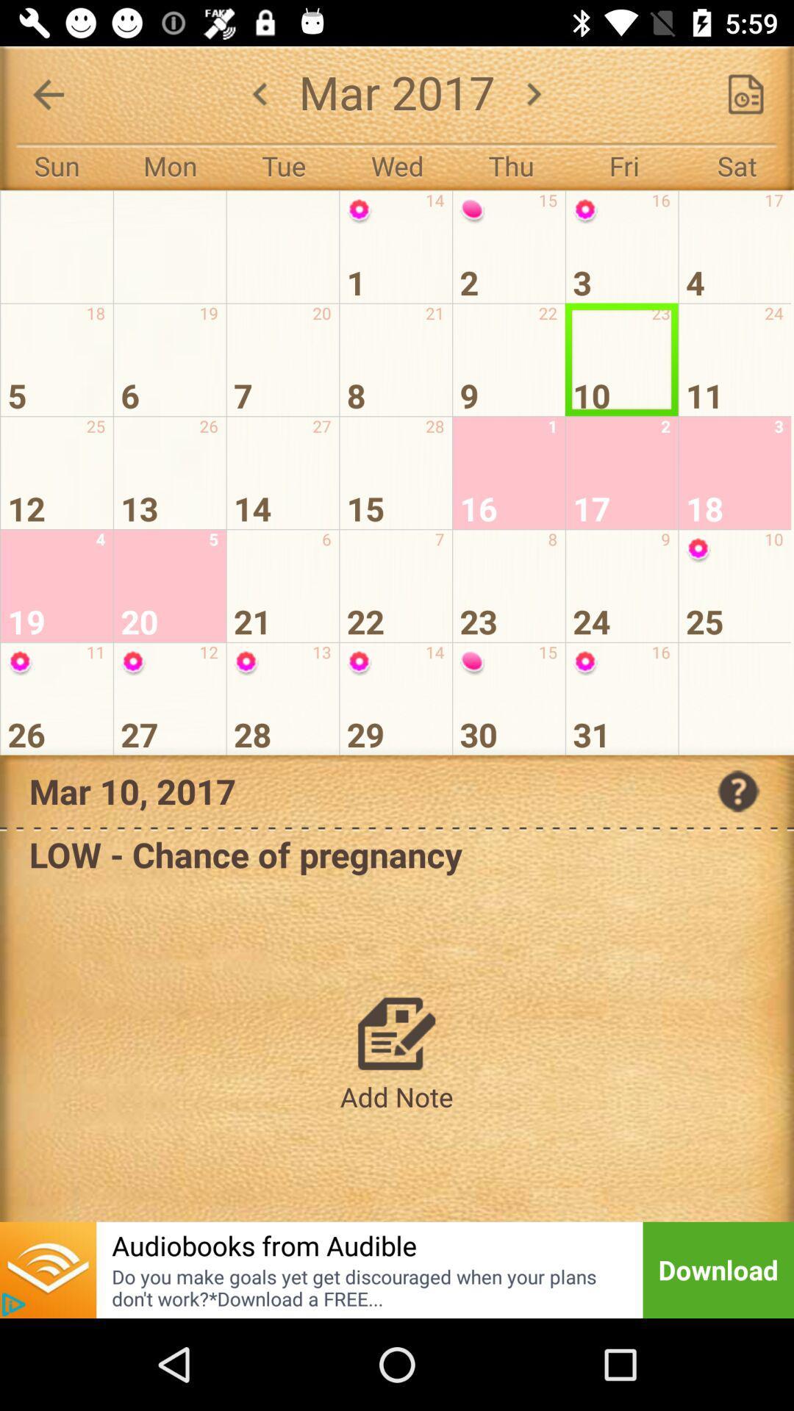 The height and width of the screenshot is (1411, 794). I want to click on the arrow_backward icon, so click(260, 93).